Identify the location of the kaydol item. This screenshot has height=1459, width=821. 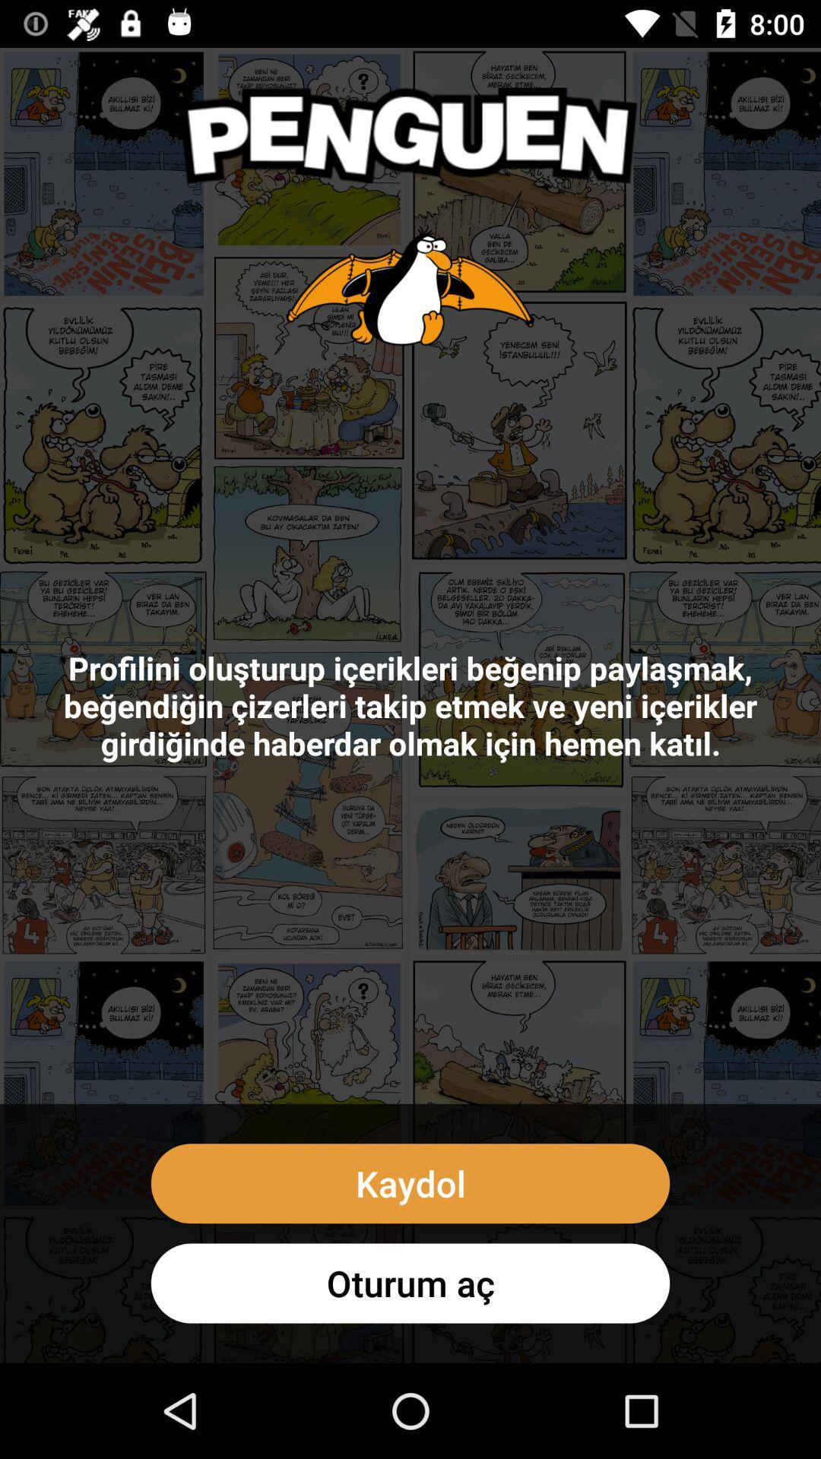
(410, 1182).